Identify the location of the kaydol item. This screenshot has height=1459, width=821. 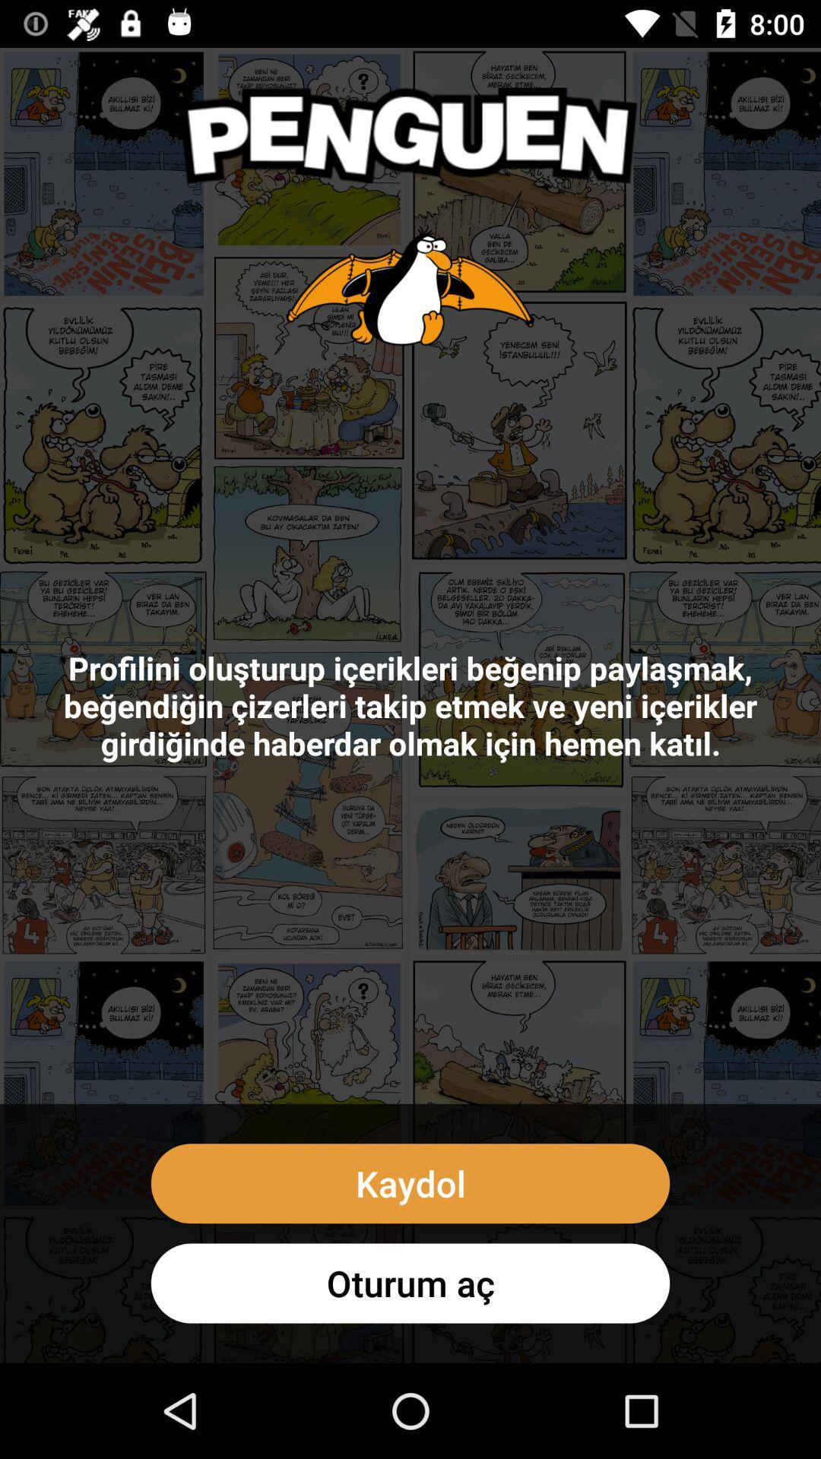
(410, 1182).